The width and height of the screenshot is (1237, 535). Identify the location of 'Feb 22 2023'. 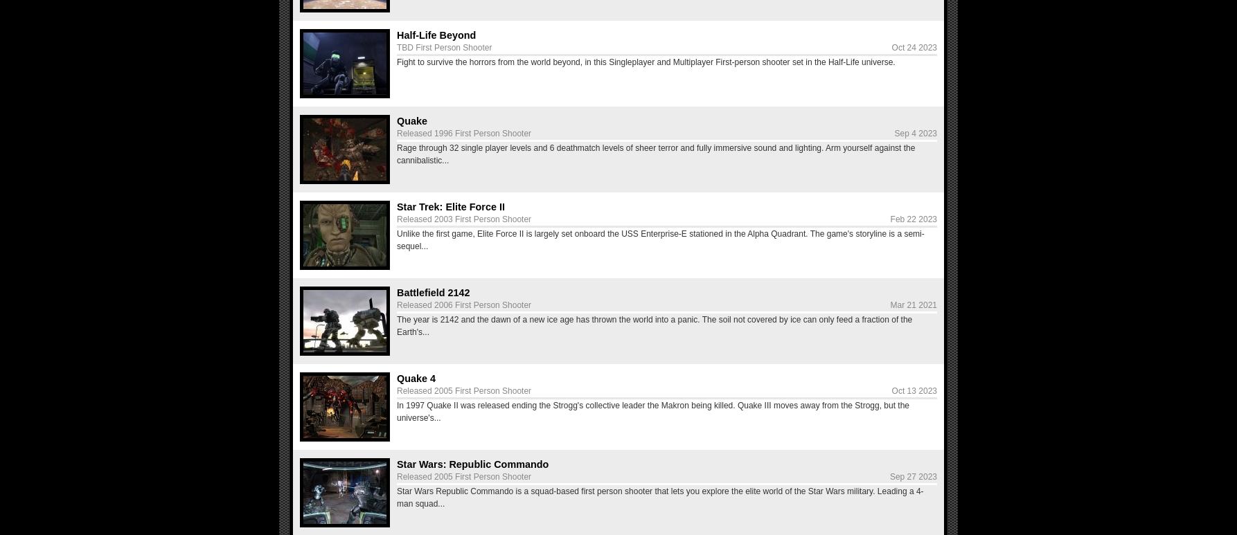
(913, 219).